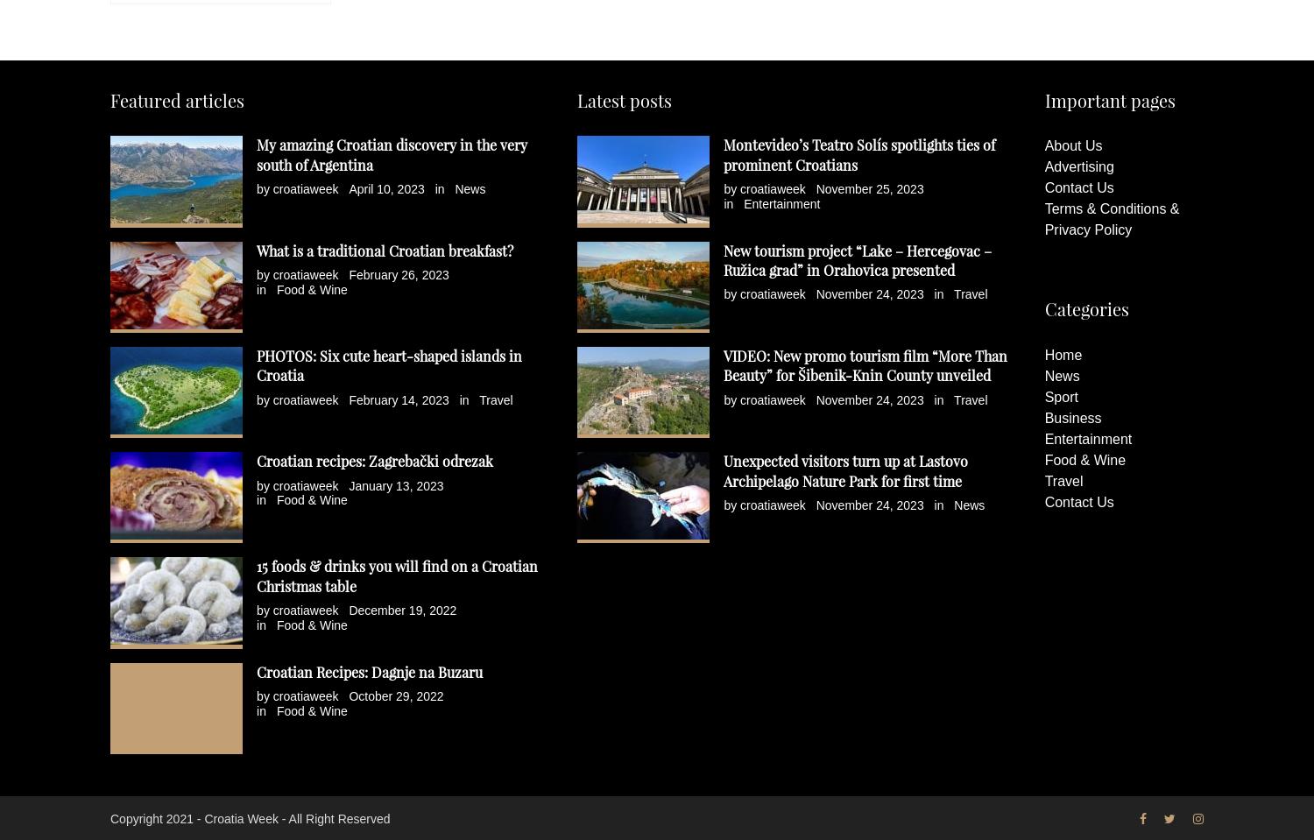 This screenshot has width=1314, height=840. Describe the element at coordinates (623, 99) in the screenshot. I see `'Latest posts'` at that location.